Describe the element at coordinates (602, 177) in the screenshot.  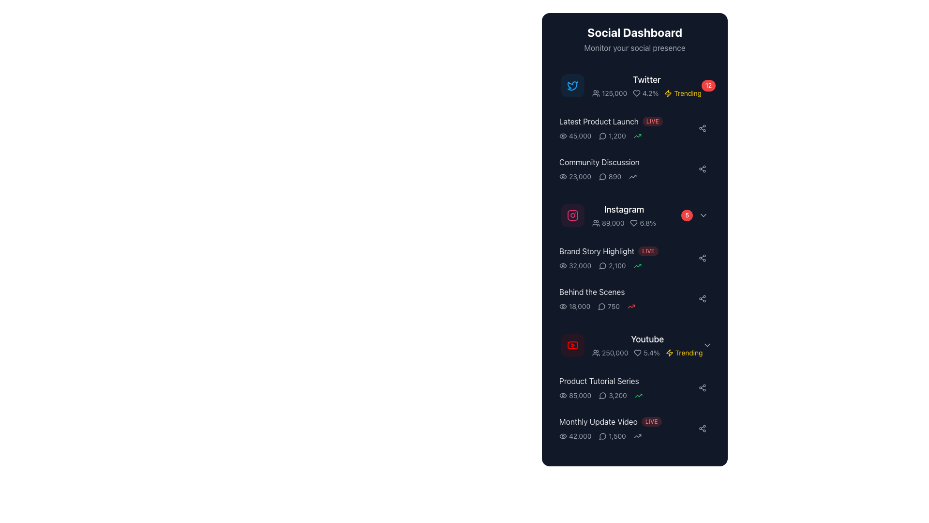
I see `the speech bubble icon indicating the number of comments or discussions, located next to the value '890' in the 'Community Discussion' section of the dashboard` at that location.